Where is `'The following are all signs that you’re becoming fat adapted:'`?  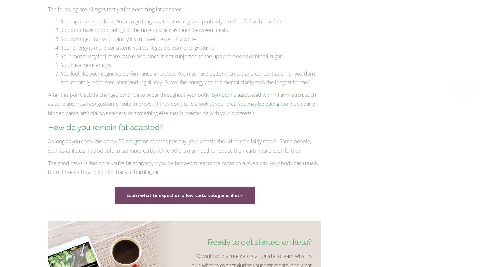
'The following are all signs that you’re becoming fat adapted:' is located at coordinates (115, 9).